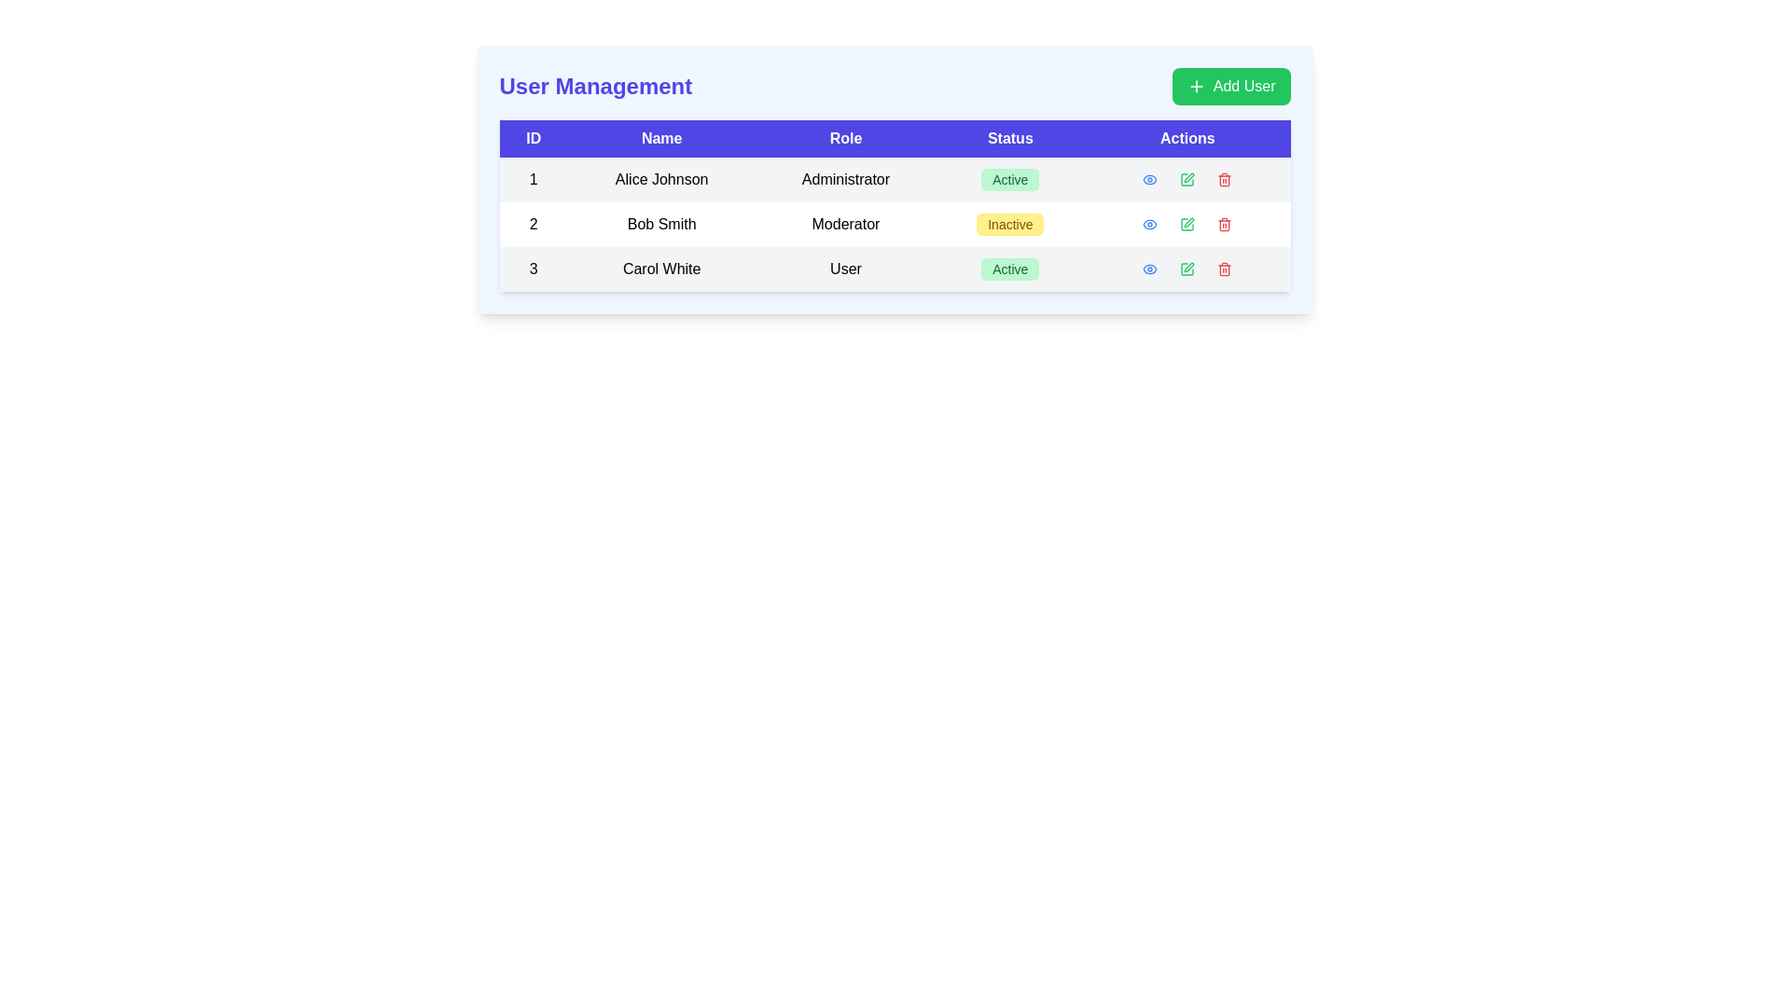 This screenshot has height=1007, width=1791. Describe the element at coordinates (1187, 269) in the screenshot. I see `the second icon from the left in the 'Actions' column of the user table for 'Carol White'` at that location.